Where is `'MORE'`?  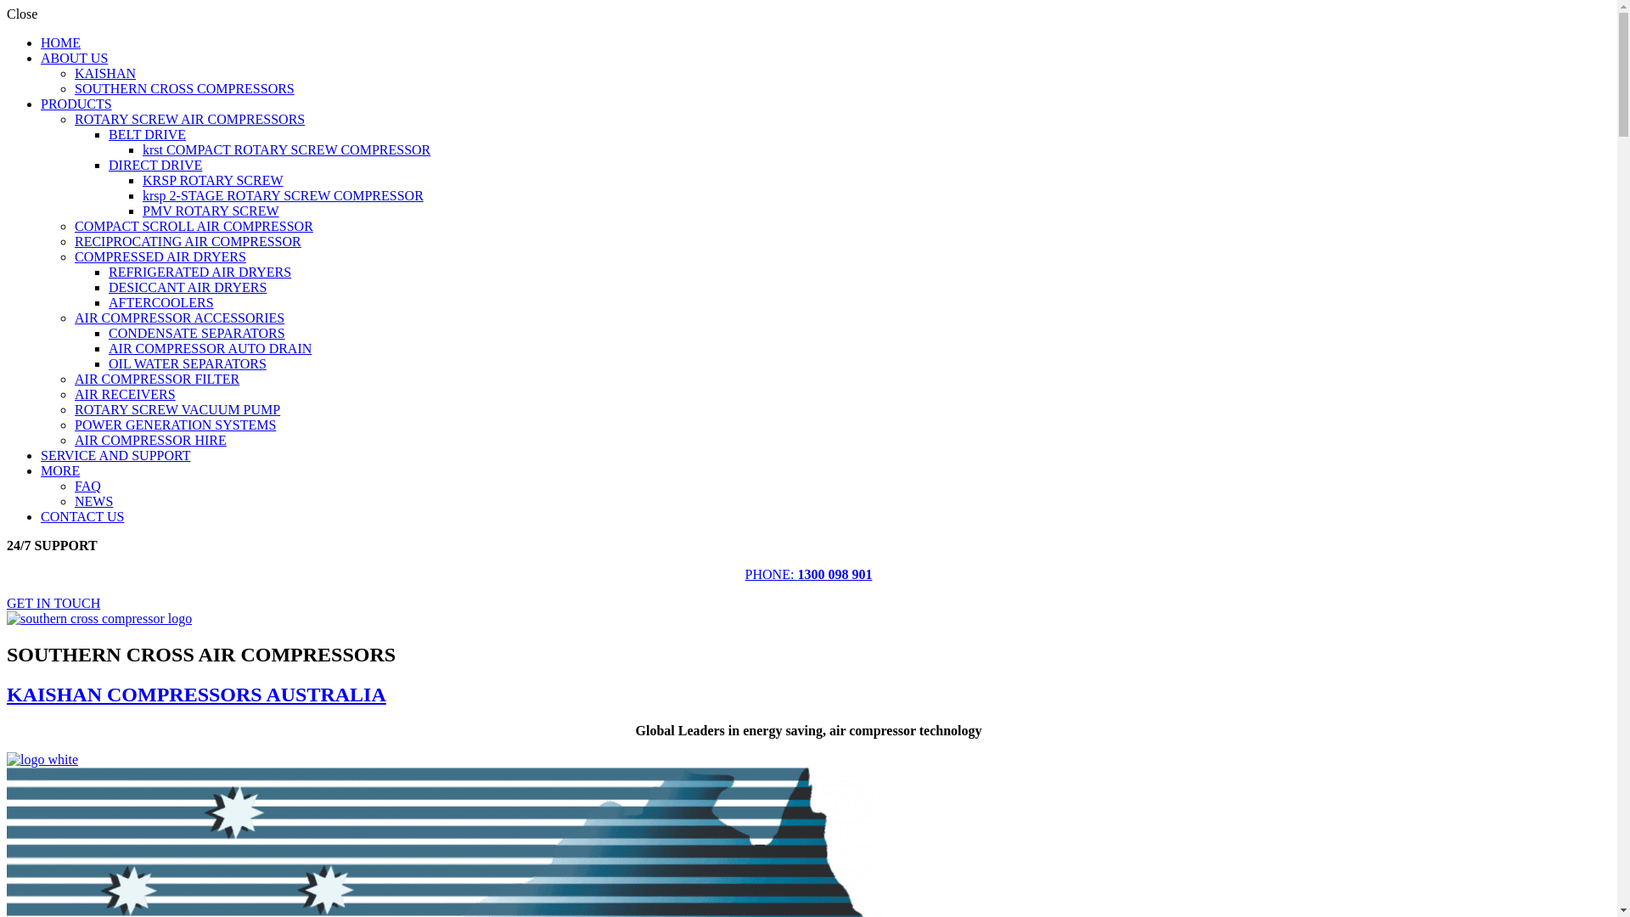
'MORE' is located at coordinates (60, 470).